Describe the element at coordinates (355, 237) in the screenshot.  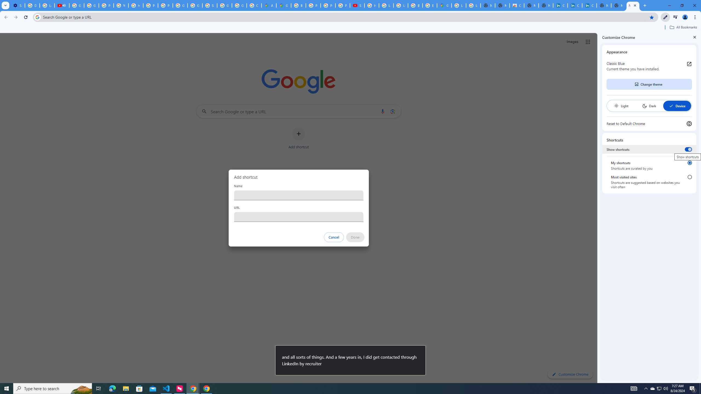
I see `'Done'` at that location.